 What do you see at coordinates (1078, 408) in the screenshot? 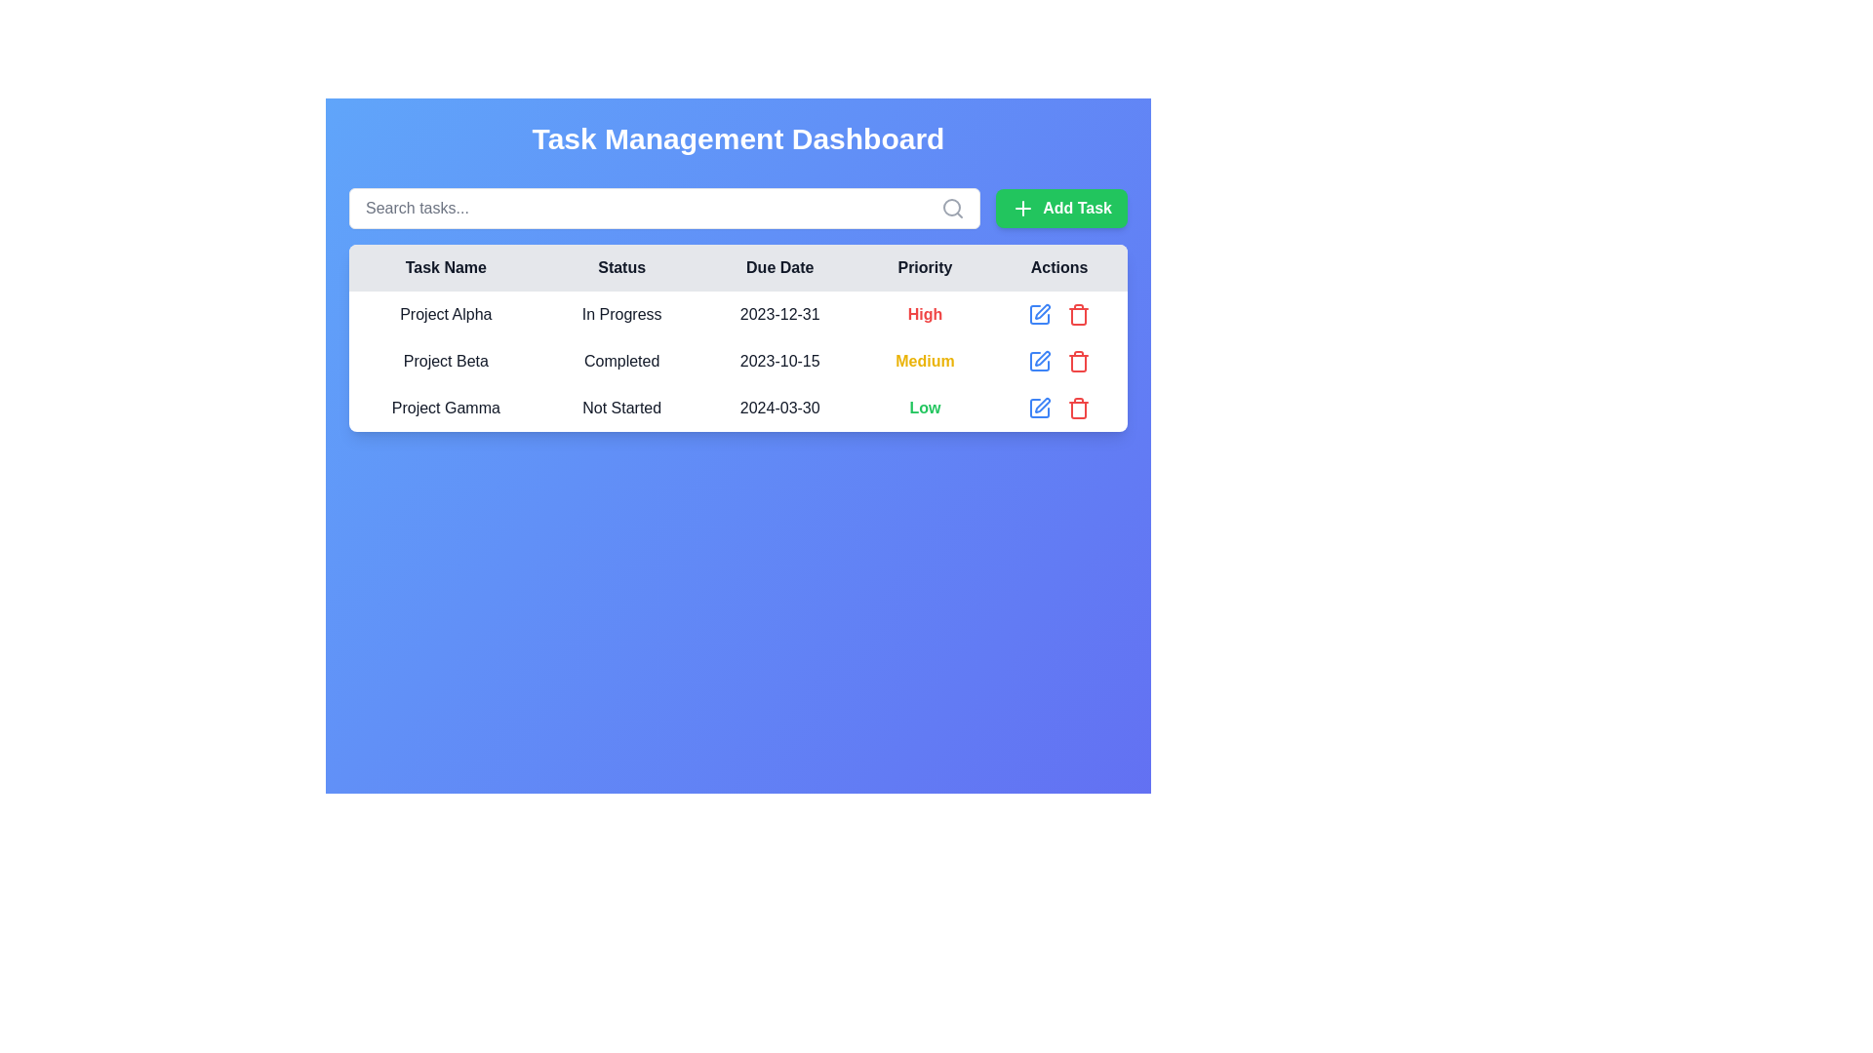
I see `the red trash bin icon button, which symbolizes a delete action, located in the action column of the task management dashboard for 'Project Gamma'` at bounding box center [1078, 408].